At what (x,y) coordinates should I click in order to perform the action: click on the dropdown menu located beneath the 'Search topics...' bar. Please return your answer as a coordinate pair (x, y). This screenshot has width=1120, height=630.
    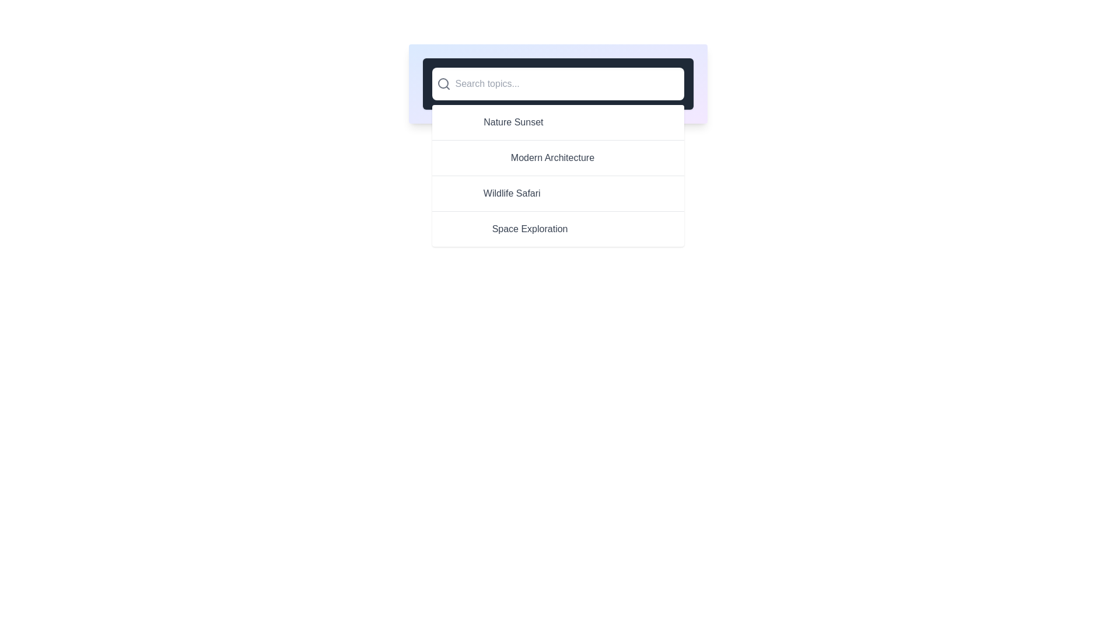
    Looking at the image, I should click on (557, 176).